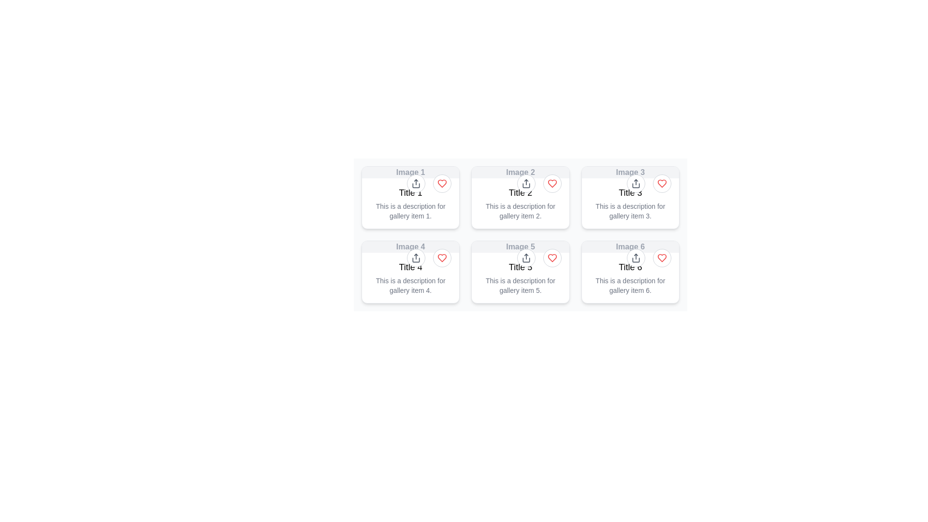  What do you see at coordinates (520, 197) in the screenshot?
I see `the second card in the first row of the gallery grid` at bounding box center [520, 197].